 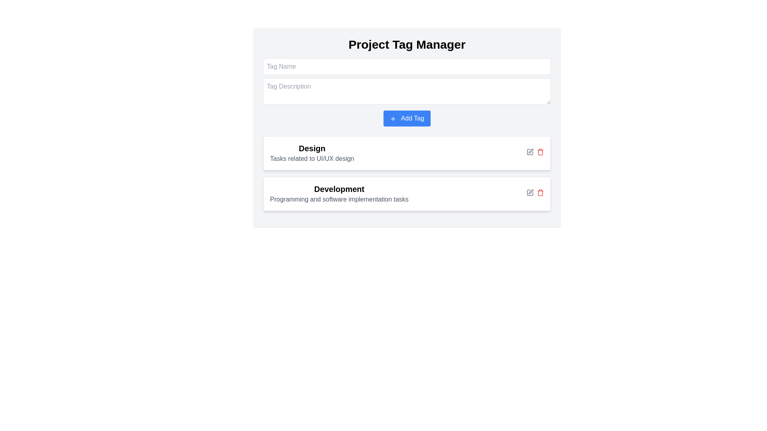 What do you see at coordinates (535, 153) in the screenshot?
I see `the edit icon located in the Action icon group at the top-right corner of the 'Design' section` at bounding box center [535, 153].